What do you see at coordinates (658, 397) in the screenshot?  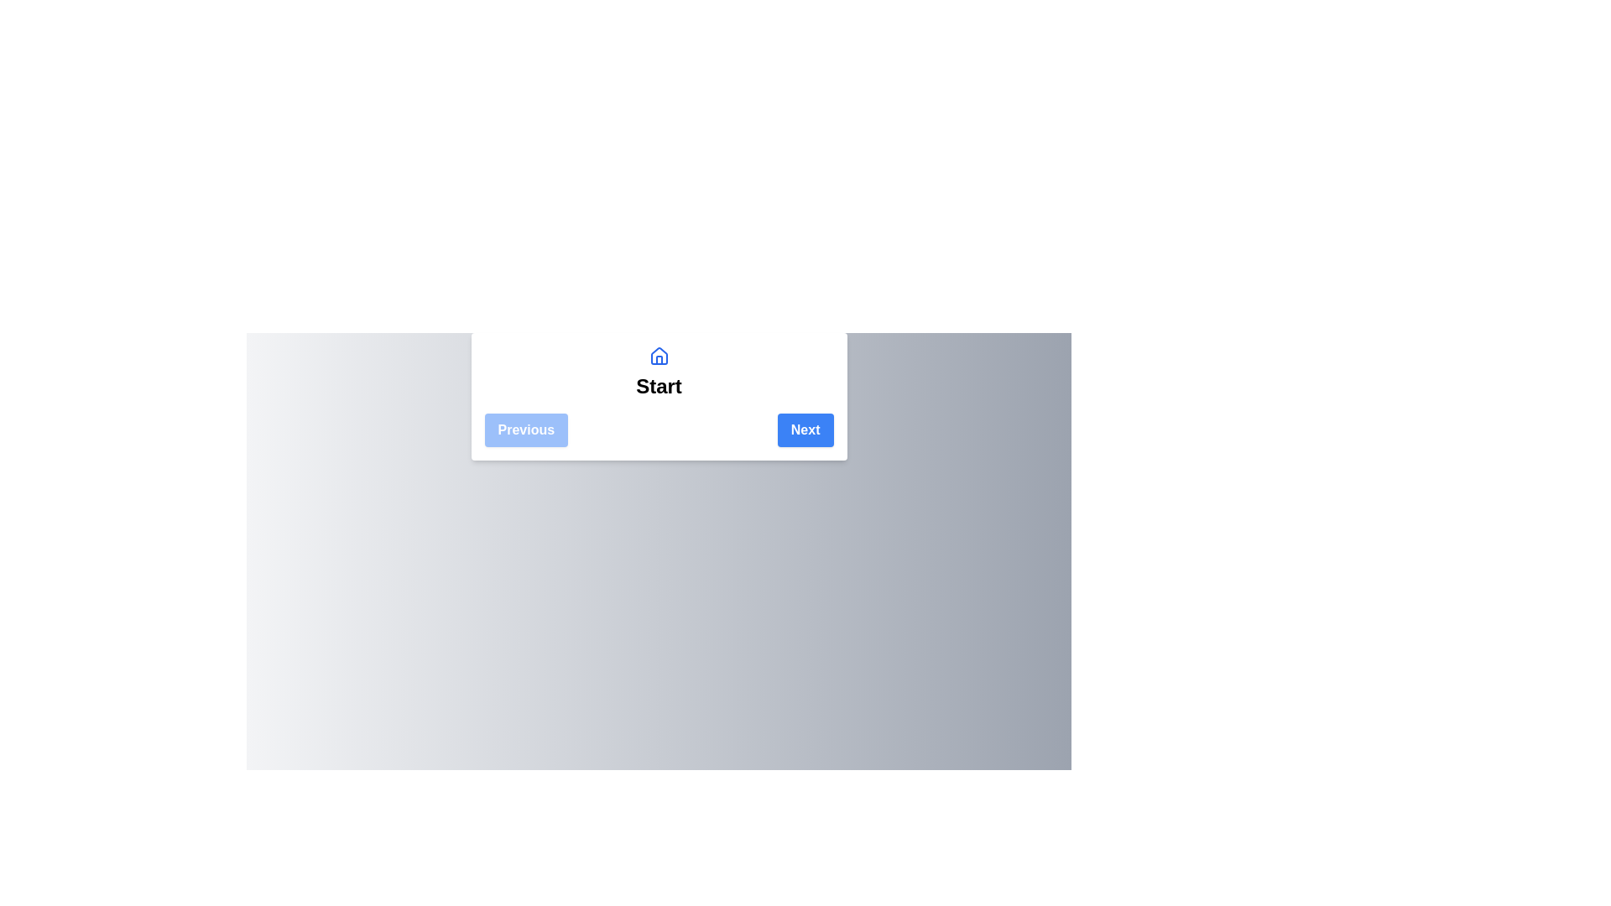 I see `the interactive navigation buttons of the composite navigation widget, which includes 'Previous' and 'Next' buttons located on the left and right, respectively` at bounding box center [658, 397].